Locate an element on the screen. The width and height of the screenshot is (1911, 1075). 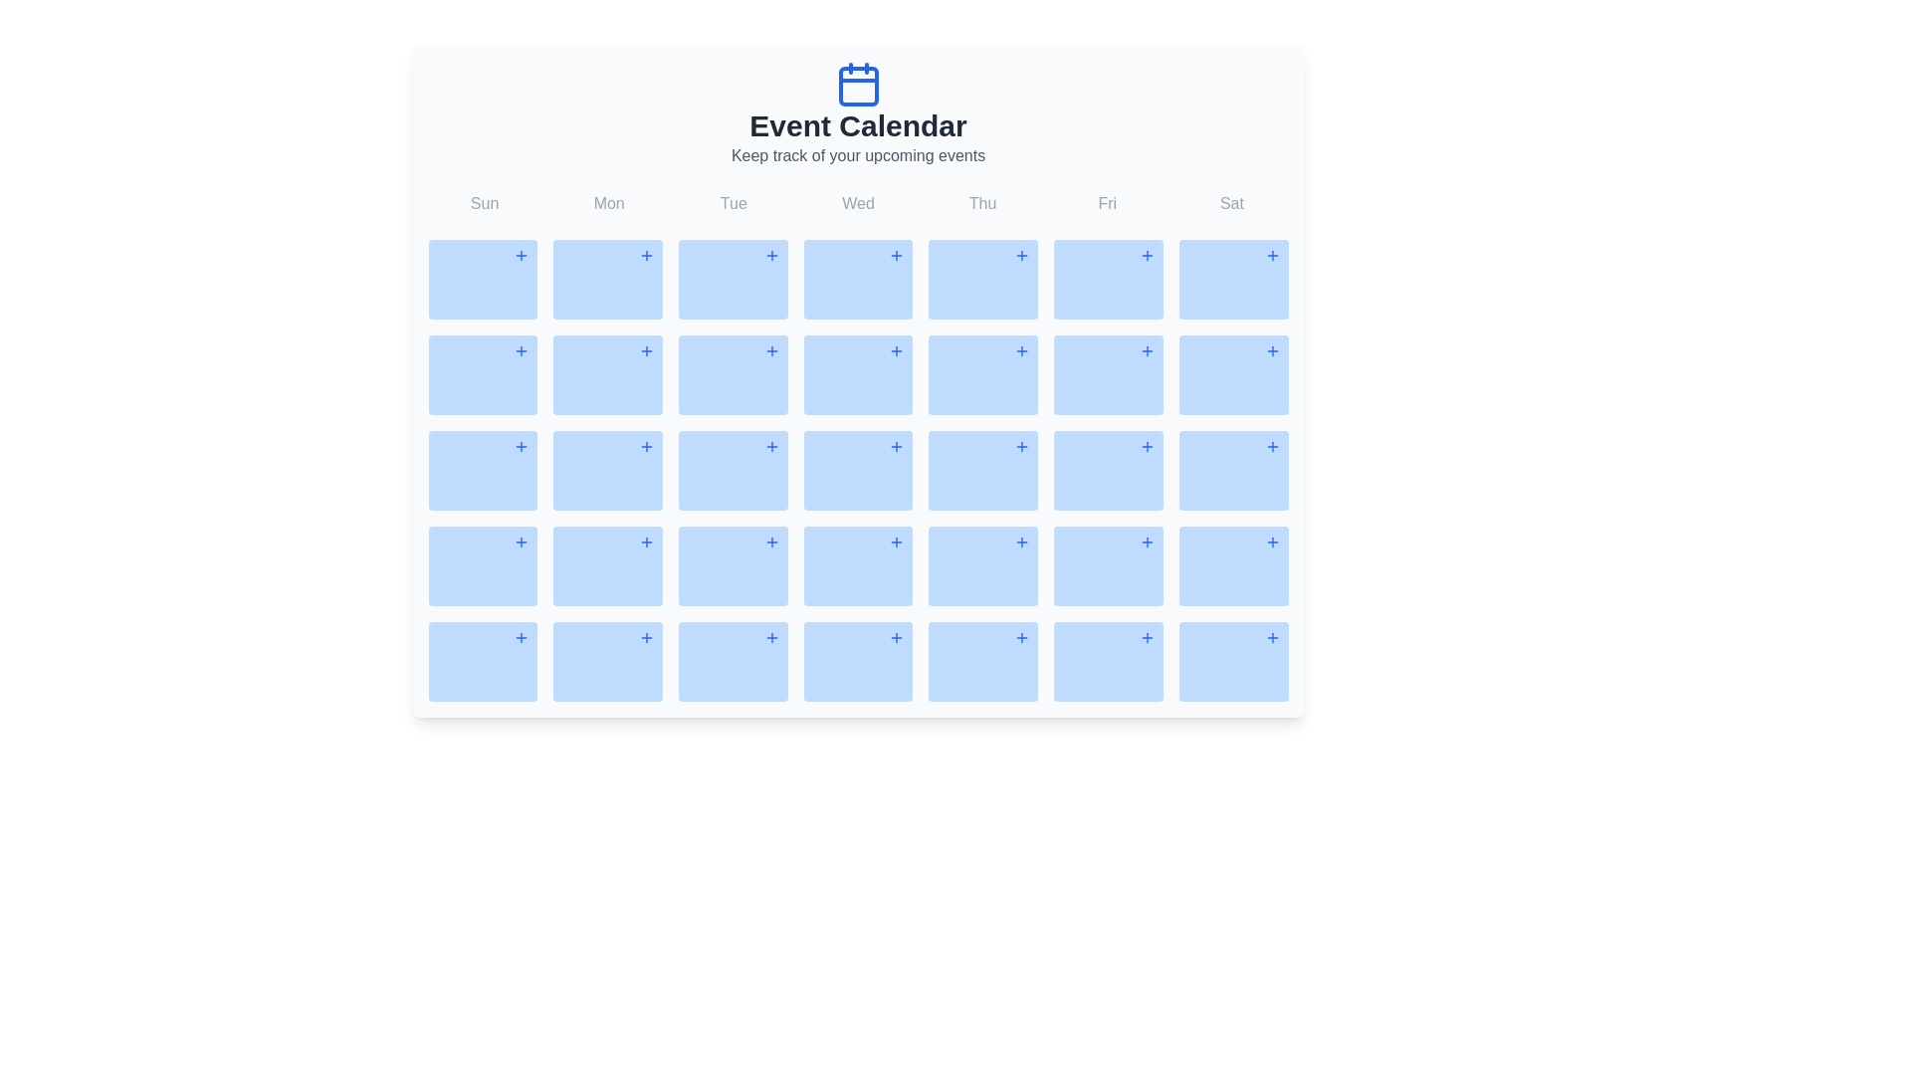
the decorative calendar icon located above the 'Event Calendar' text to interact with the calendar section is located at coordinates (858, 83).